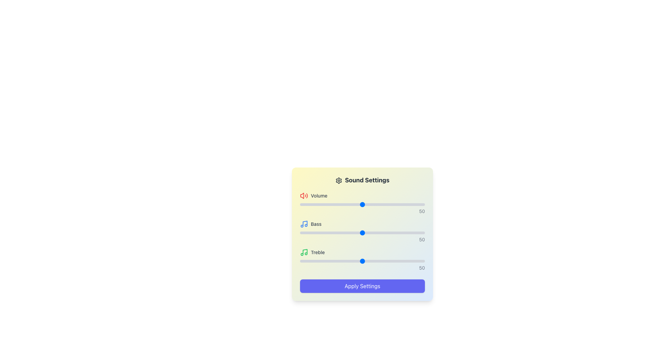 The height and width of the screenshot is (364, 648). I want to click on the red speaker-shaped icon located near the text 'Volume' in the 'Sound Settings' section, which is positioned in the top-left corner of the settings card, so click(302, 196).